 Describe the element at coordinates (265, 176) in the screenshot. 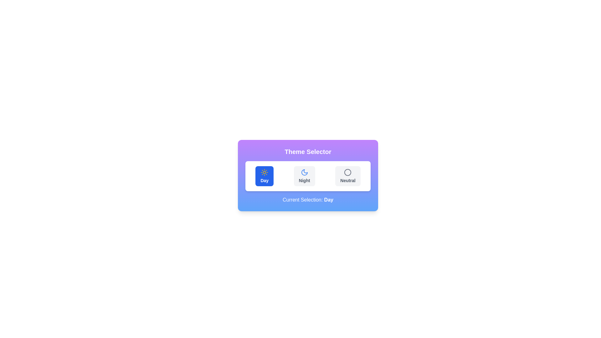

I see `the 'Day' button` at that location.